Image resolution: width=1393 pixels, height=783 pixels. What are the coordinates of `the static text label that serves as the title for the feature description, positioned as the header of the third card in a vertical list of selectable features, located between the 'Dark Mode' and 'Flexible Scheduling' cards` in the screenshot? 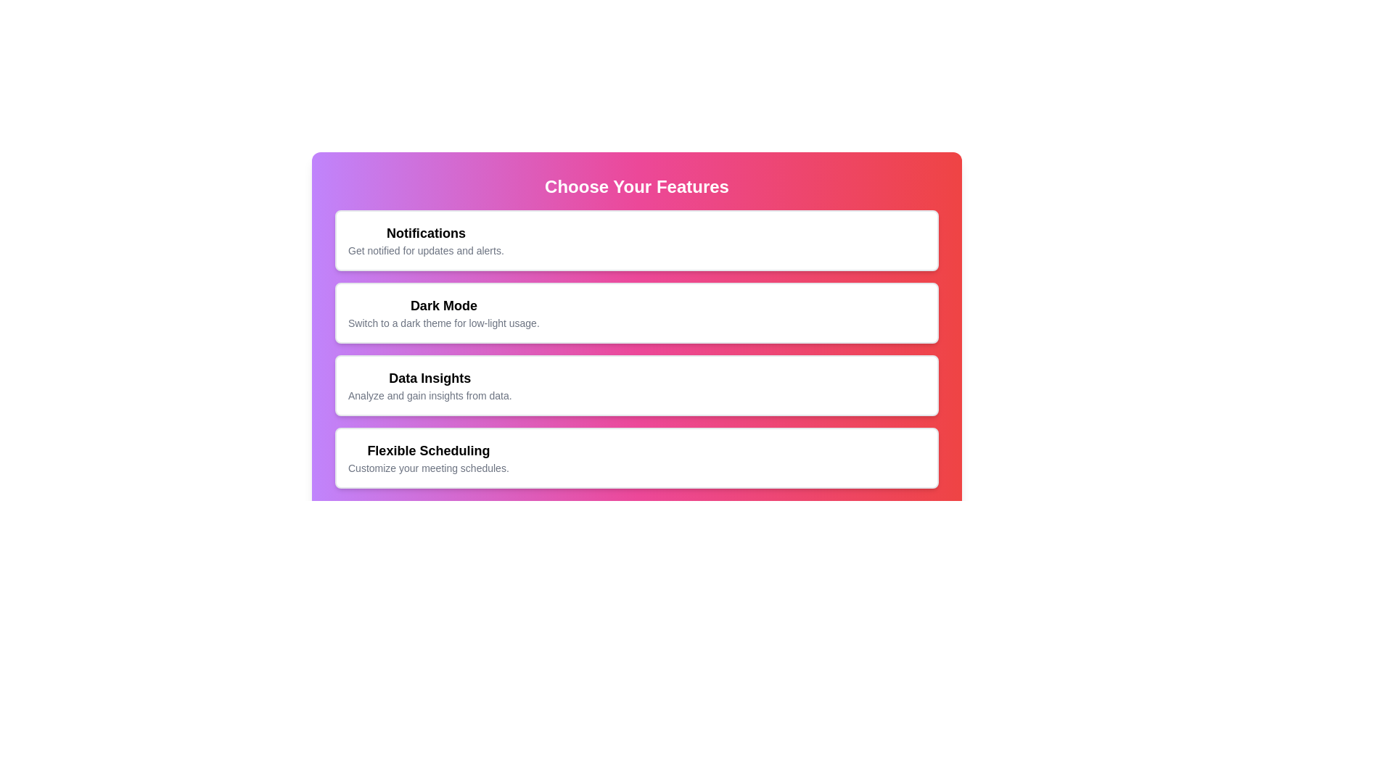 It's located at (429, 377).